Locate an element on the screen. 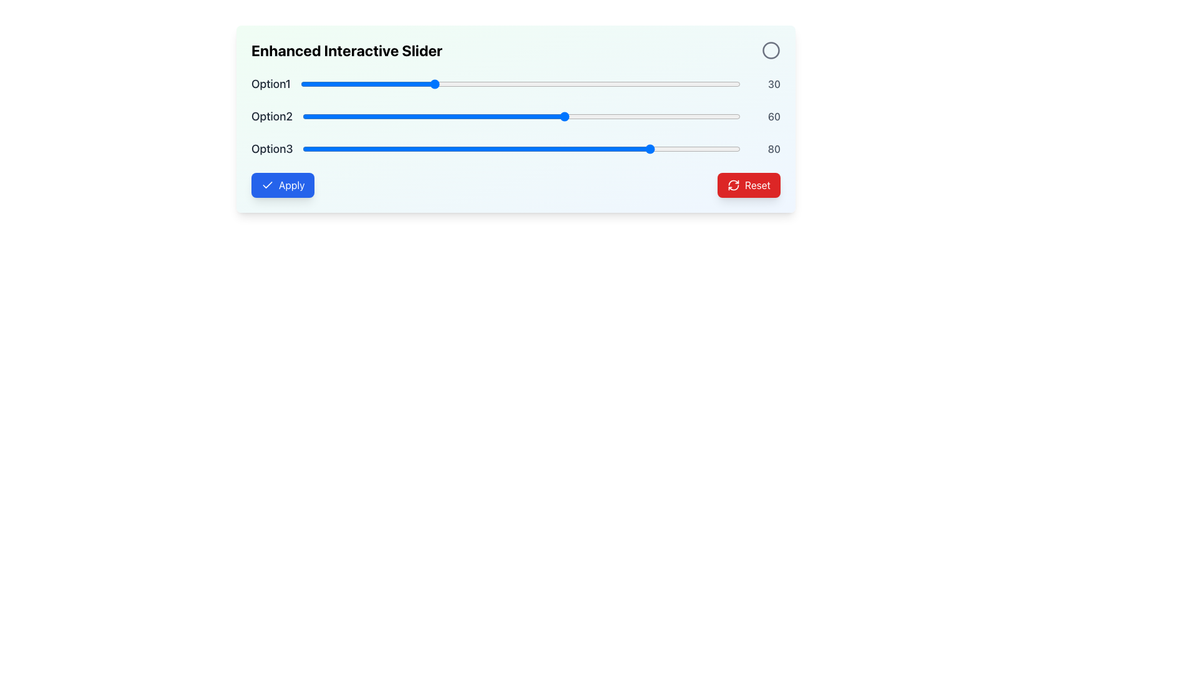 The height and width of the screenshot is (674, 1198). the slider is located at coordinates (640, 149).